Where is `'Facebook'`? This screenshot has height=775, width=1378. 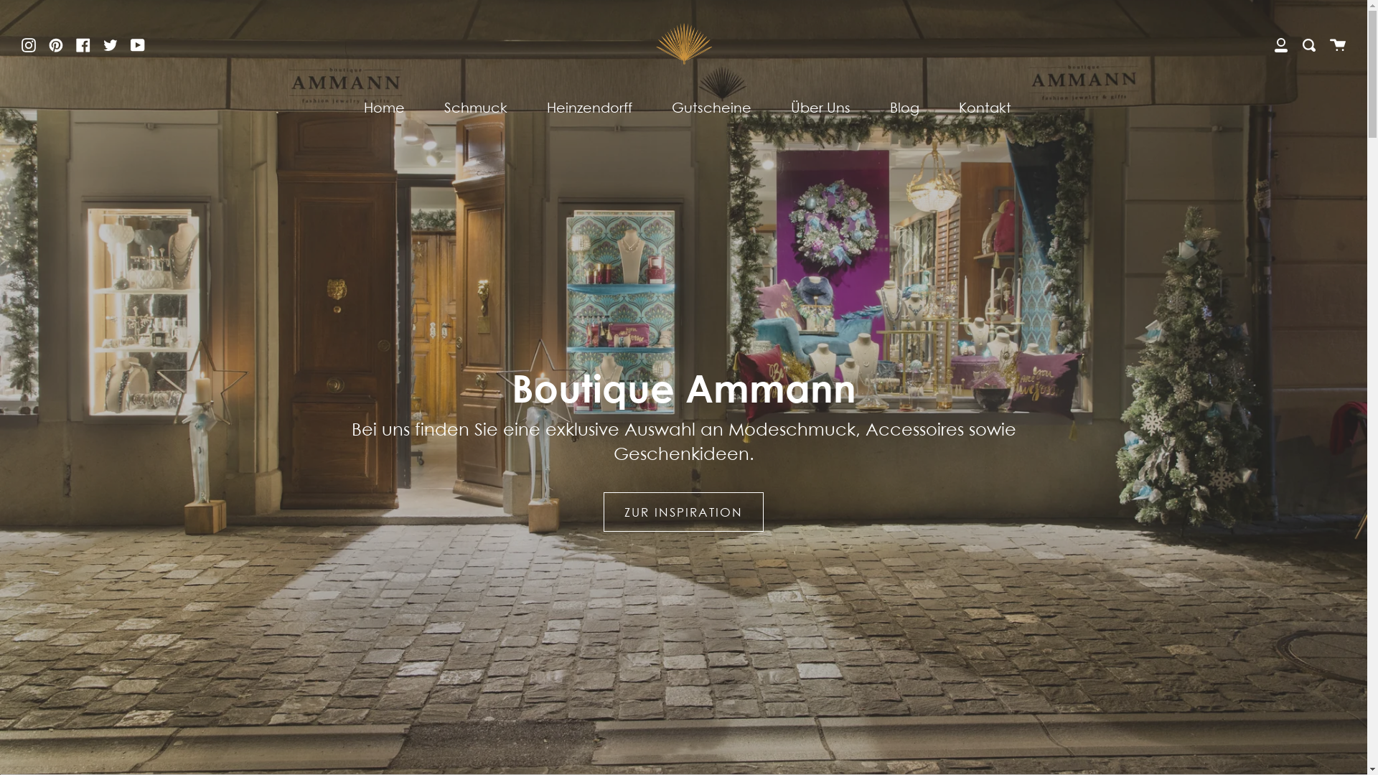 'Facebook' is located at coordinates (75, 43).